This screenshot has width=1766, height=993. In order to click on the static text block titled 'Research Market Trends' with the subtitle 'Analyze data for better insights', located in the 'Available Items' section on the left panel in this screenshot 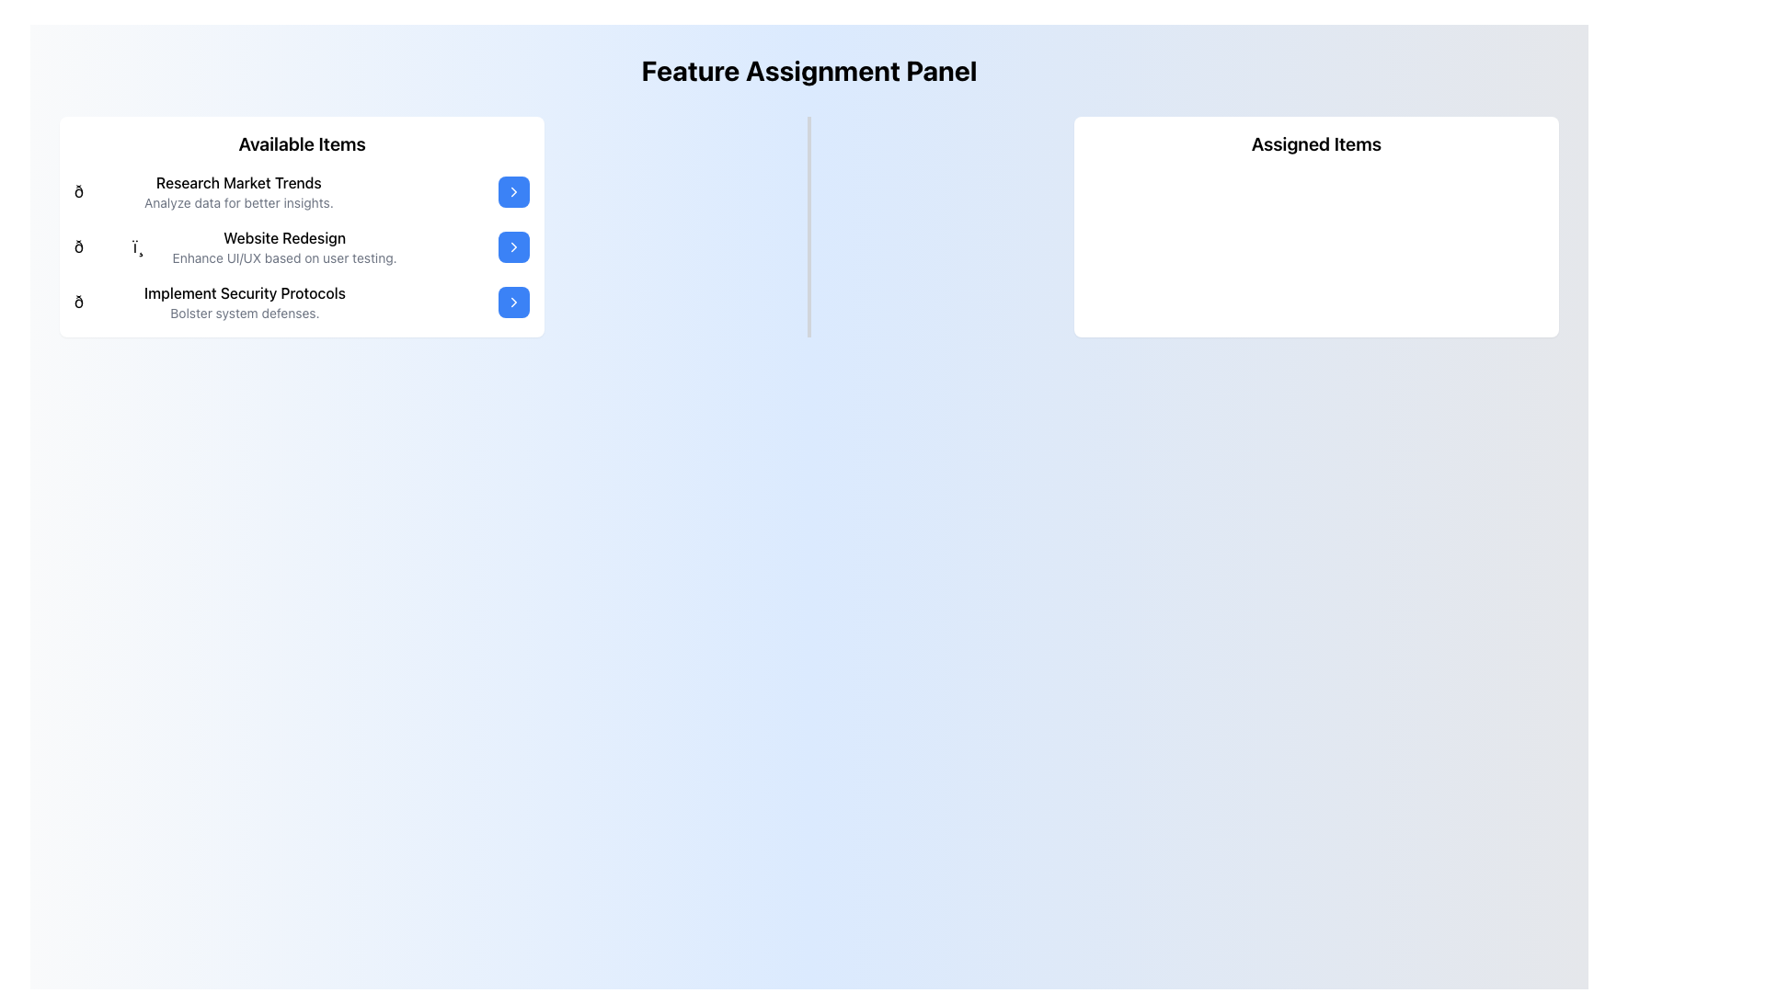, I will do `click(237, 191)`.